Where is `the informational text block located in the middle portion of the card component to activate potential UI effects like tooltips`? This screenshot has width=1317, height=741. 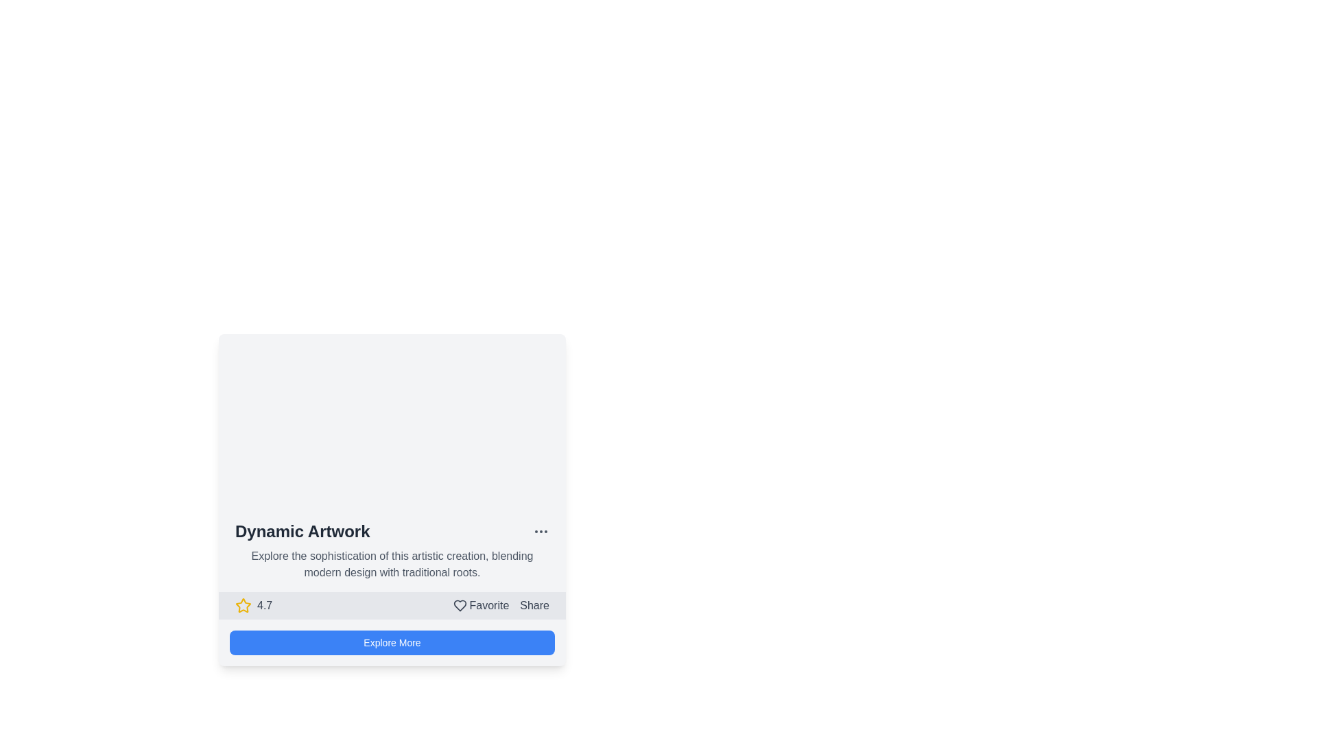
the informational text block located in the middle portion of the card component to activate potential UI effects like tooltips is located at coordinates (391, 550).